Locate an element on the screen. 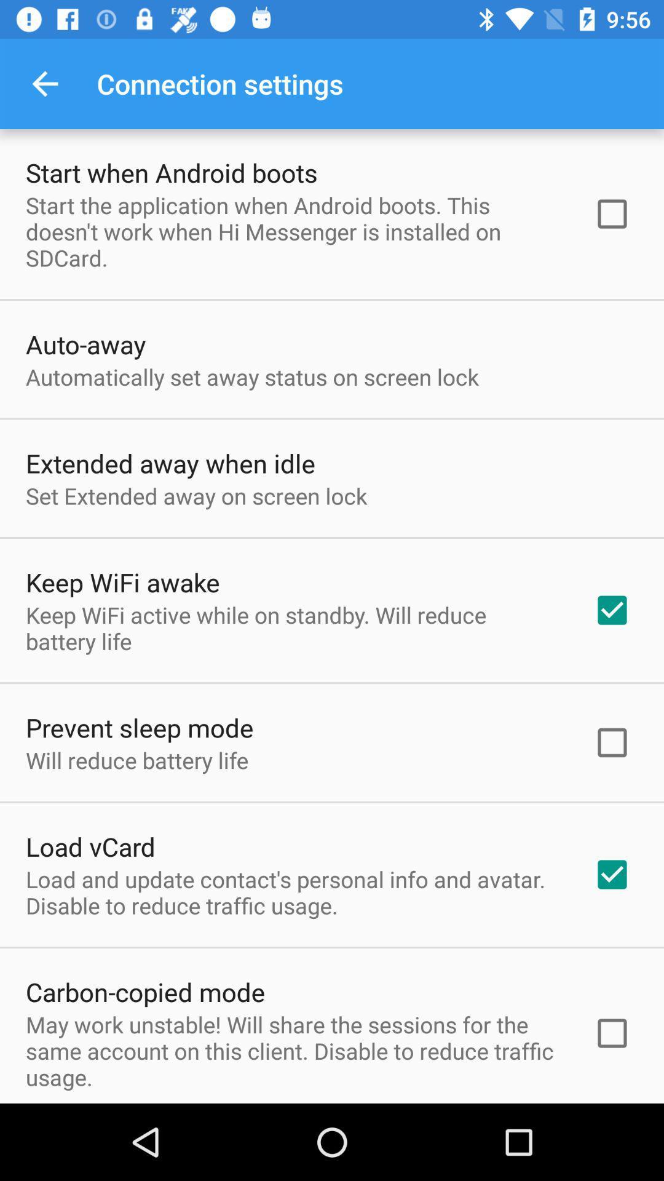 The width and height of the screenshot is (664, 1181). start the application icon is located at coordinates (293, 231).